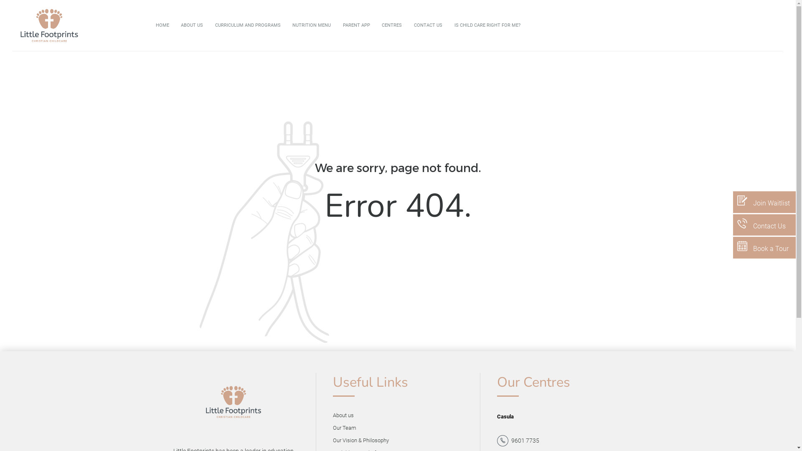  Describe the element at coordinates (150, 25) in the screenshot. I see `'HOME'` at that location.